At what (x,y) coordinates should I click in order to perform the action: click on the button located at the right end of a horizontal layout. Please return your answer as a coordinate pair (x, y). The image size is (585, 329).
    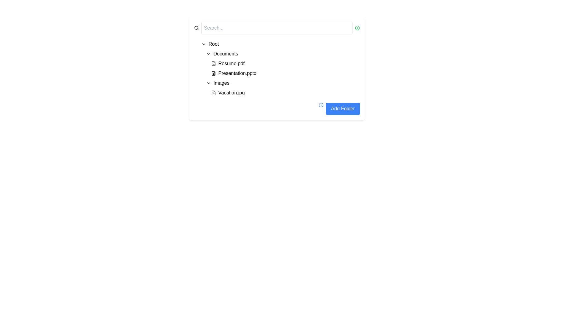
    Looking at the image, I should click on (357, 28).